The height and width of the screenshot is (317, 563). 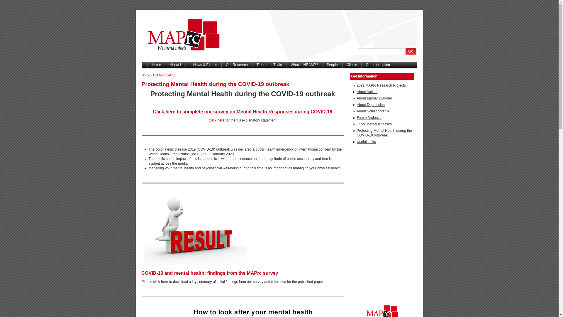 I want to click on 'Other Mental Illnesses', so click(x=374, y=124).